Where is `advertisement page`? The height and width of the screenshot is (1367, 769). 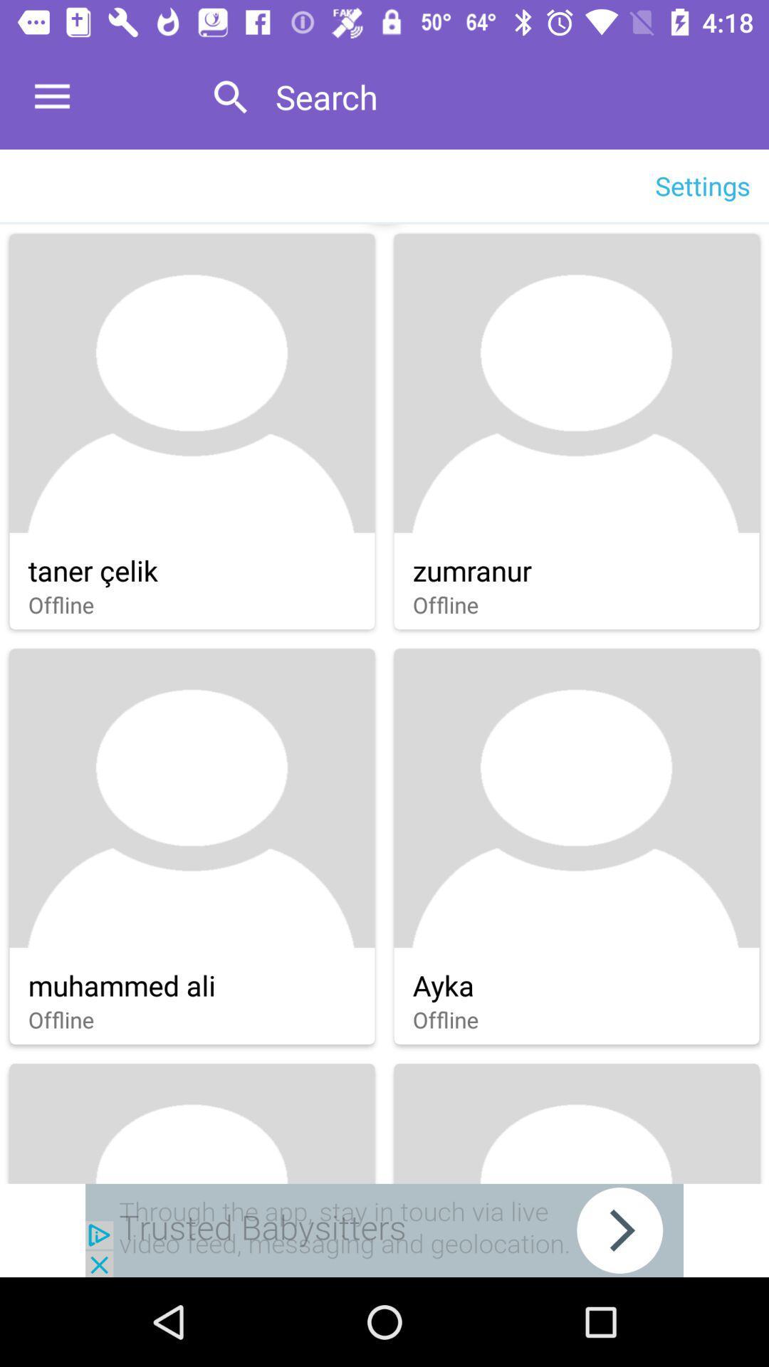 advertisement page is located at coordinates (384, 1230).